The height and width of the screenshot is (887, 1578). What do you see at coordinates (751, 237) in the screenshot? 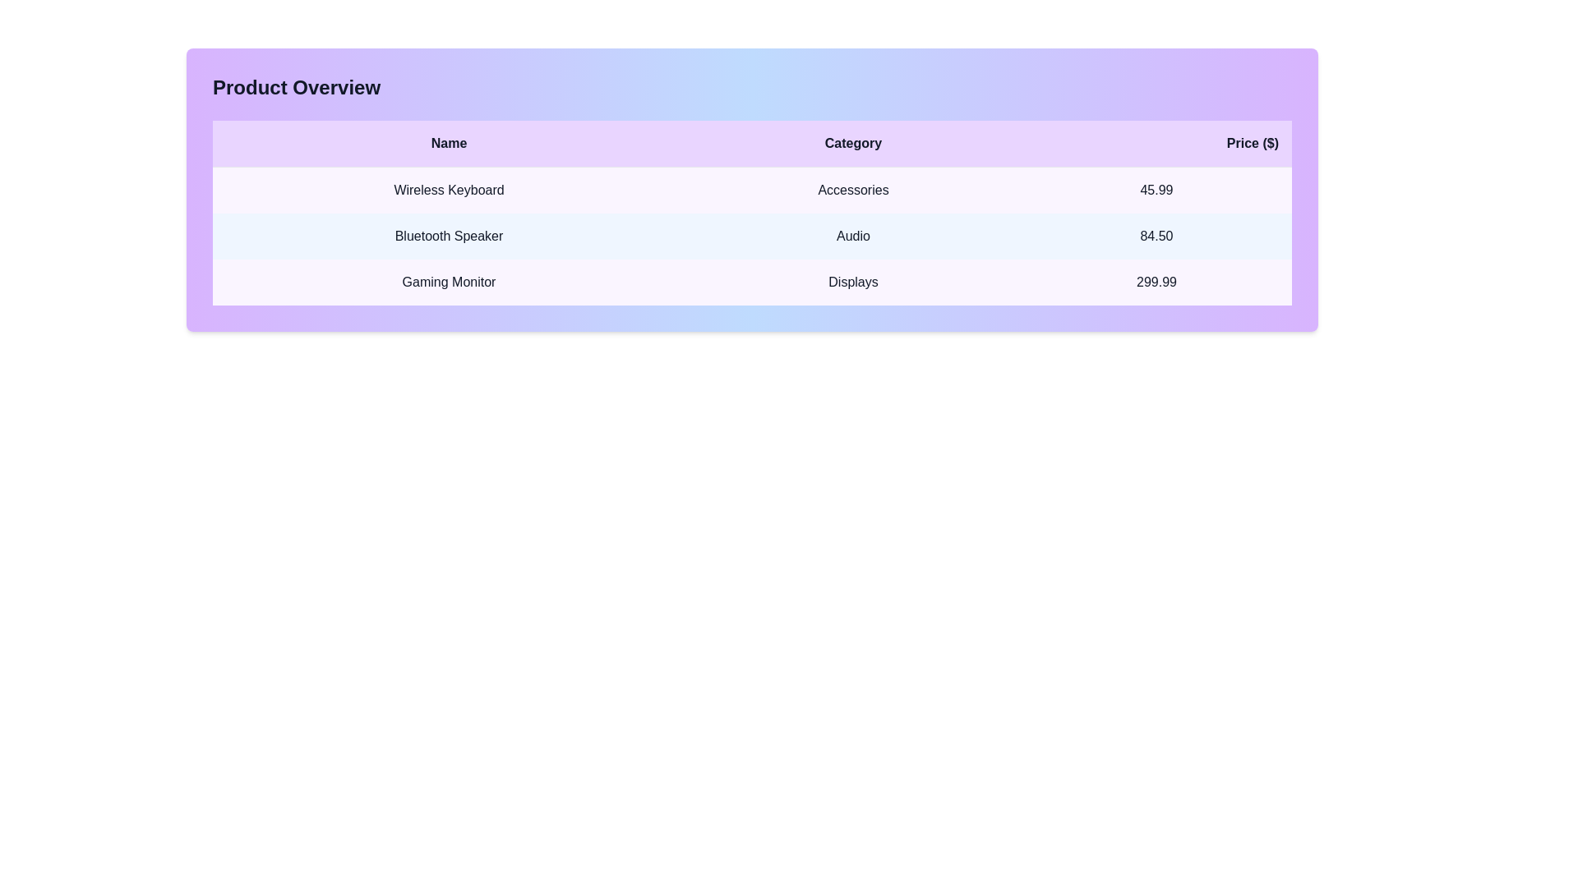
I see `the second row of the table that contains the information 'Bluetooth Speaker', 'Audio', and '84.50'` at bounding box center [751, 237].